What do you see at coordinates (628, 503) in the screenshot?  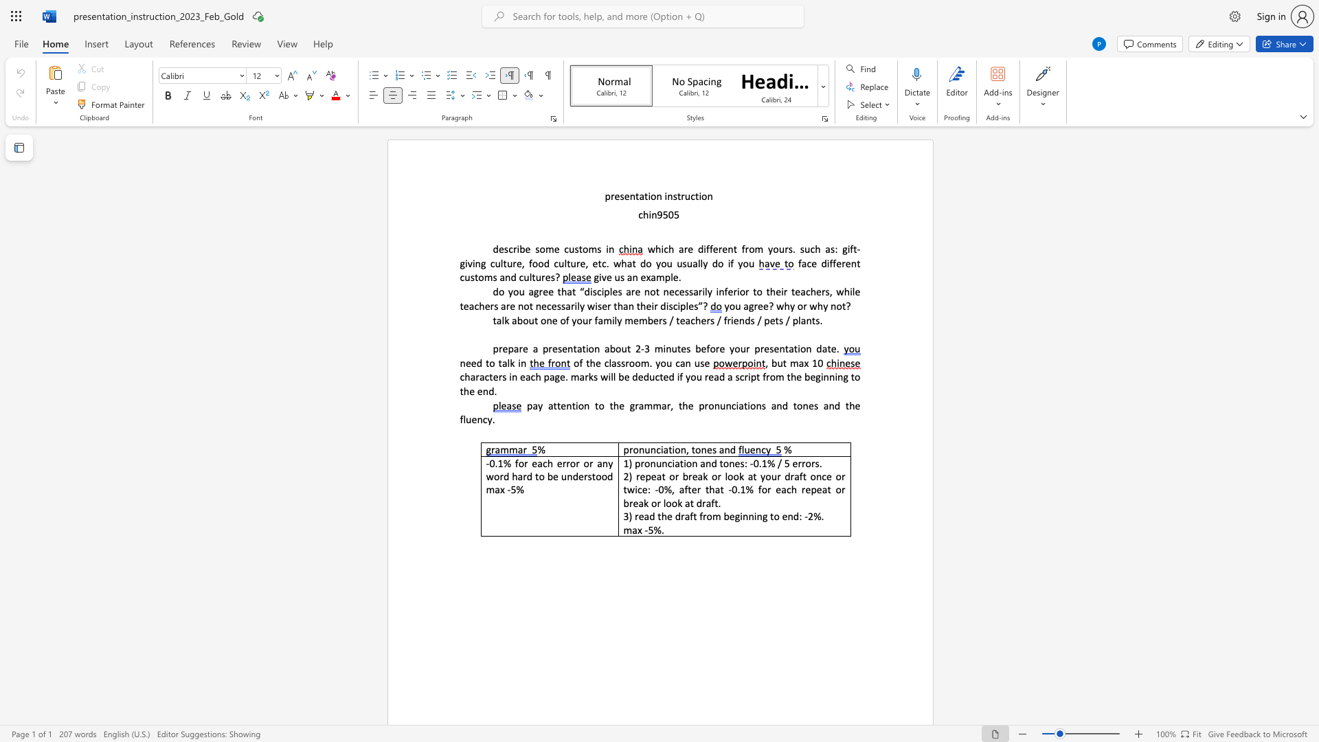 I see `the subset text "reak or look a" within the text "2) repeat or break or look at your draft once or twice: -0%, after that -0.1% for each repeat or break or look at draft."` at bounding box center [628, 503].